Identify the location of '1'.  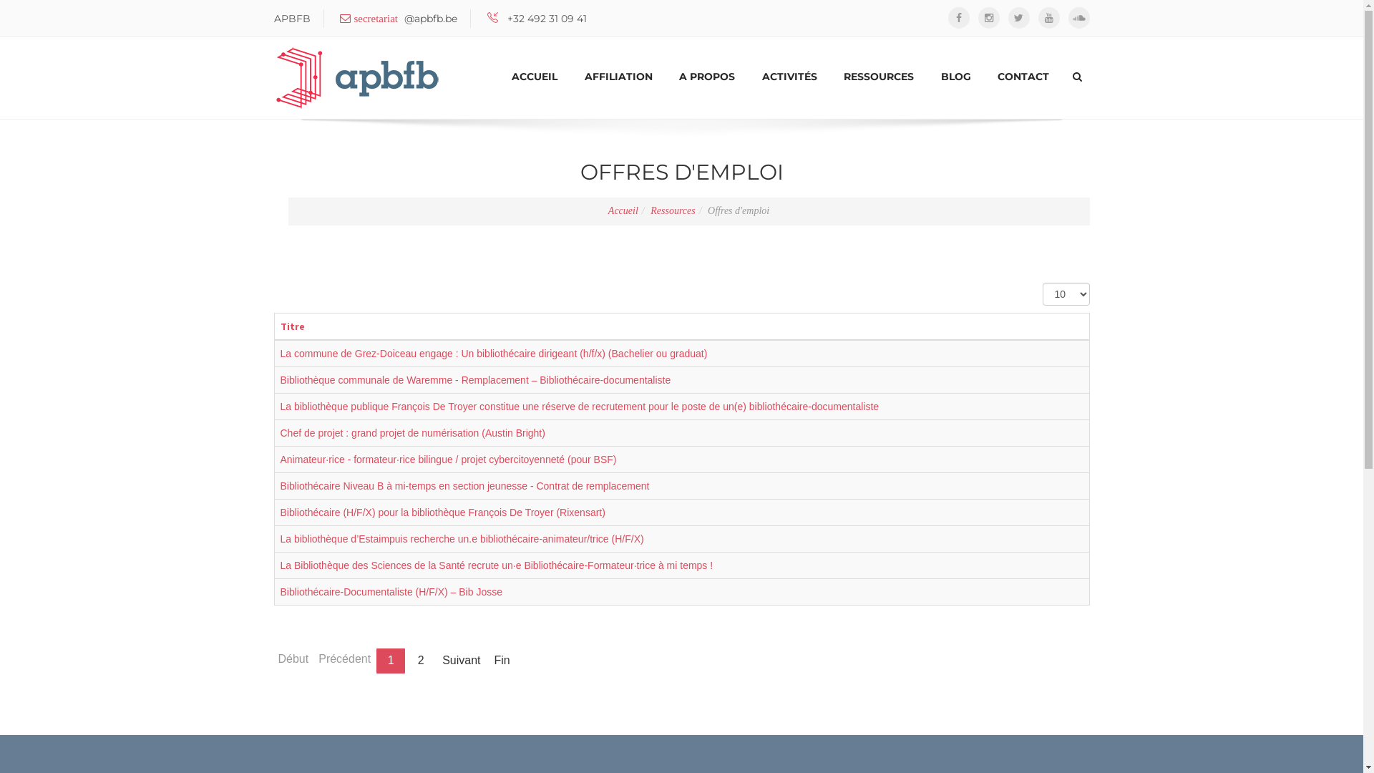
(391, 661).